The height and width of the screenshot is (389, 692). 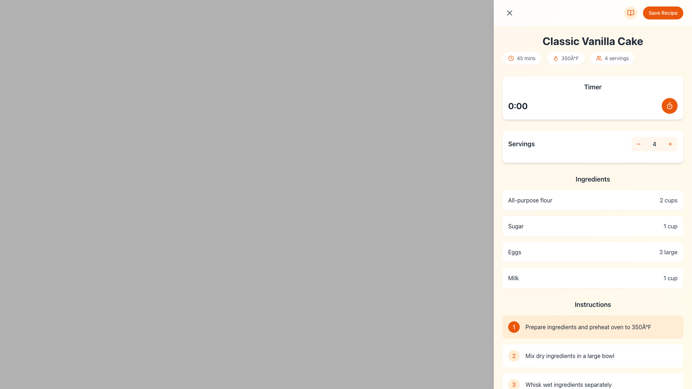 I want to click on the circular button with a bright orange background and a white stopwatch icon, located, so click(x=669, y=106).